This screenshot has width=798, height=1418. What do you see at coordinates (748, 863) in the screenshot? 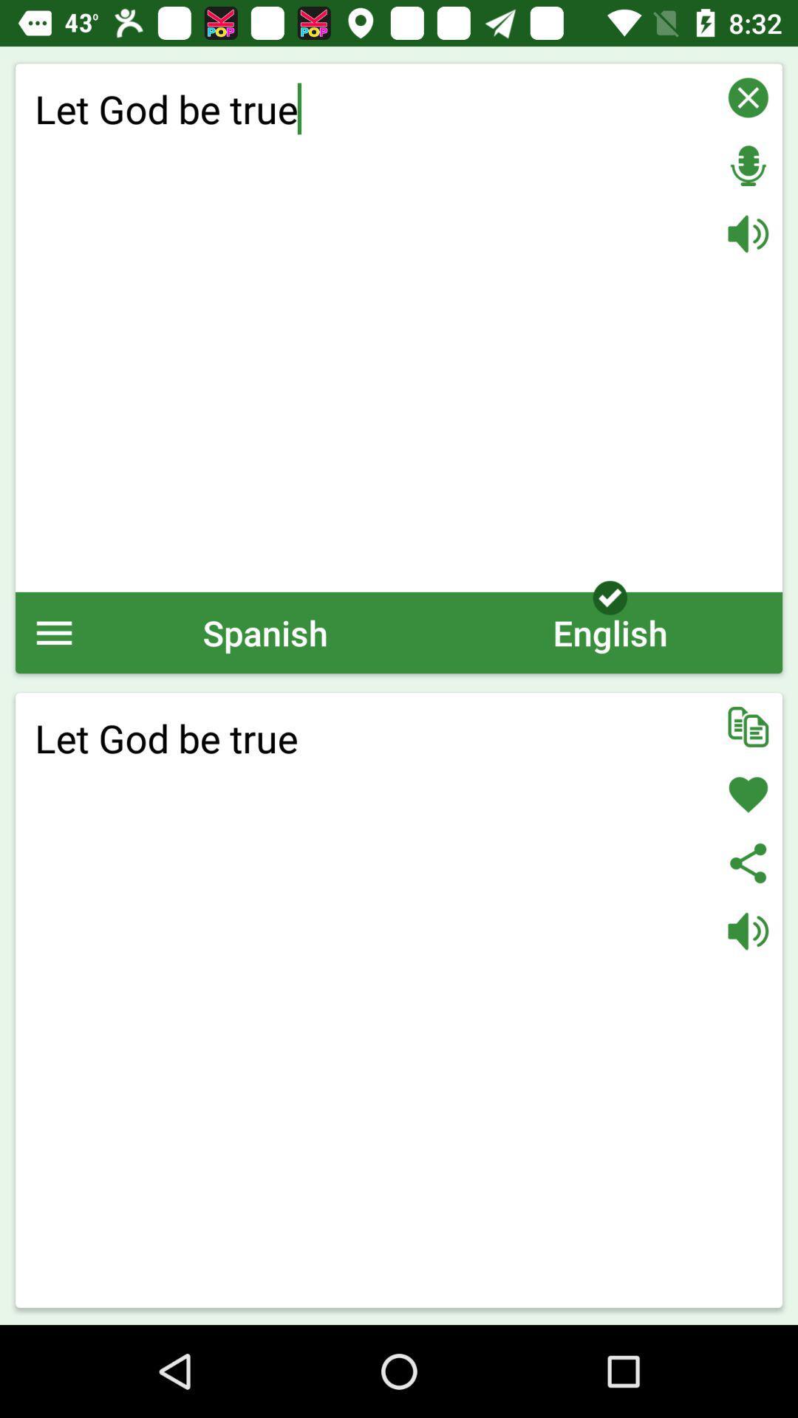
I see `share the translation` at bounding box center [748, 863].